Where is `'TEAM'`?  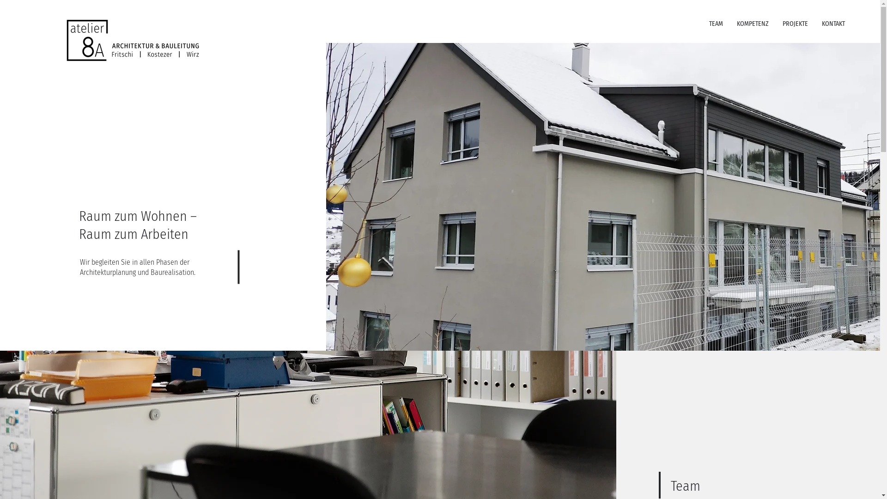 'TEAM' is located at coordinates (716, 23).